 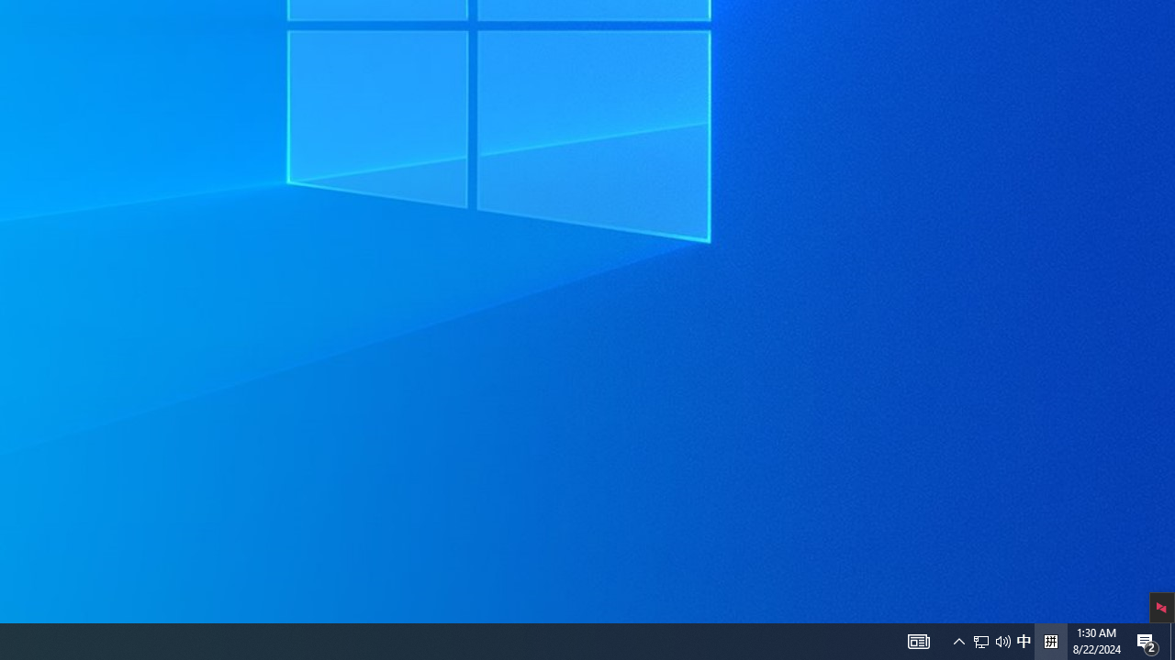 I want to click on 'Tray Input Indicator - Chinese (Simplified, China)', so click(x=990, y=640).